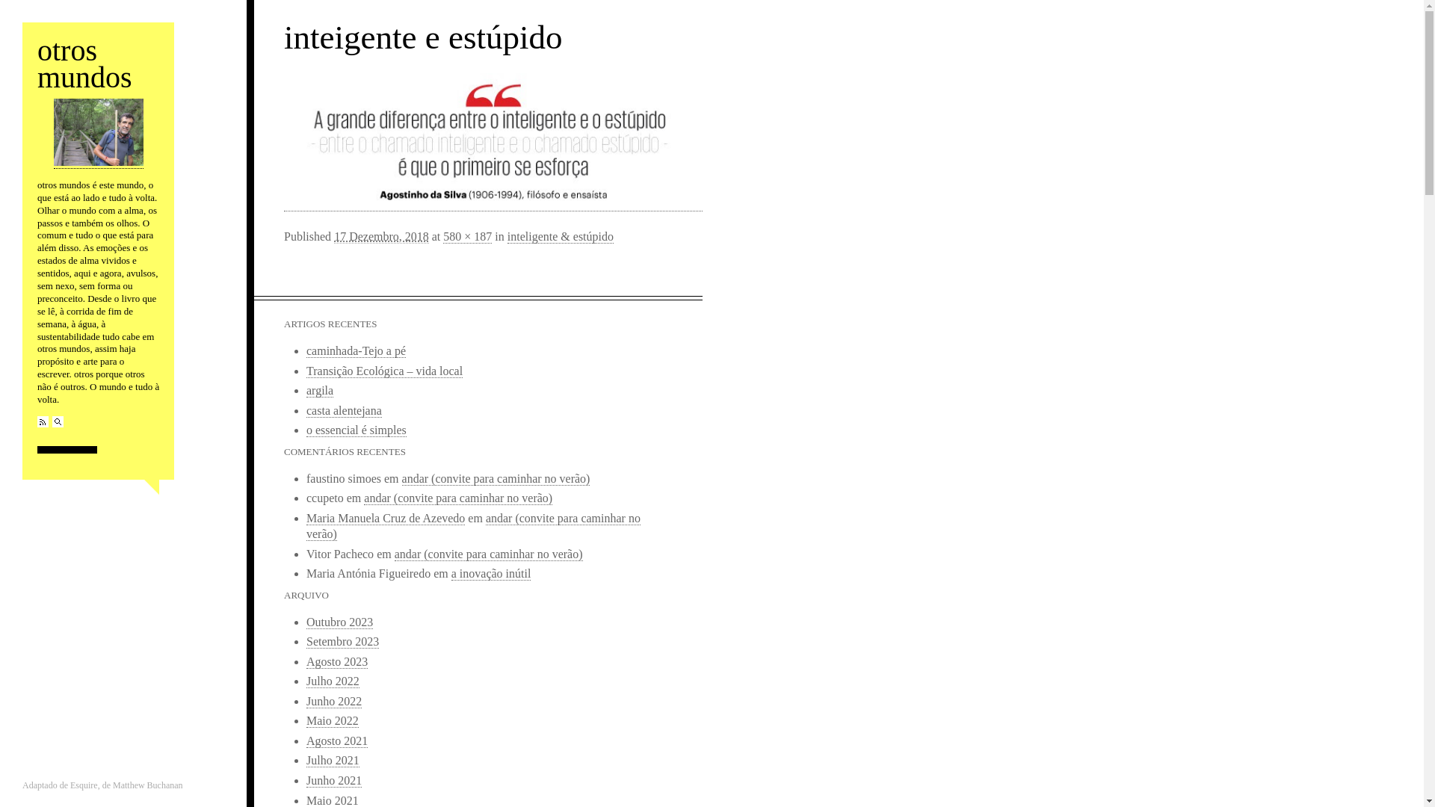 This screenshot has height=807, width=1435. I want to click on 'casta alentejana', so click(343, 411).